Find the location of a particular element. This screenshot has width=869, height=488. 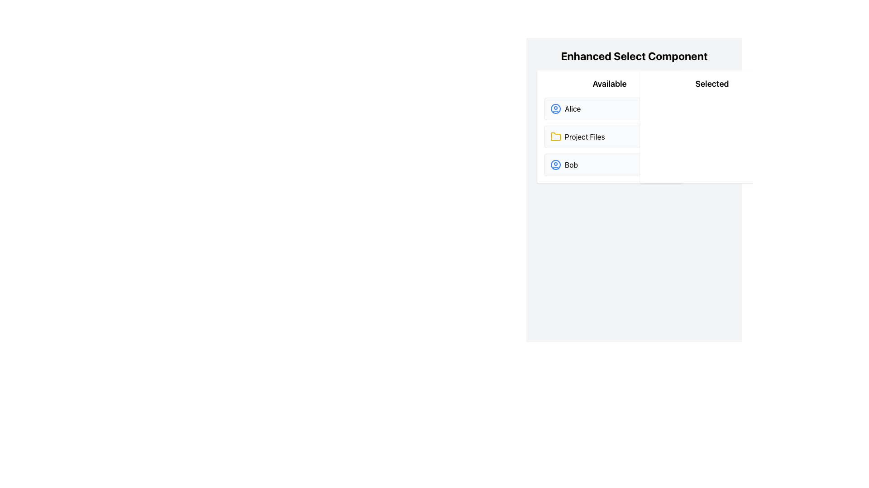

the circular blue user icon located at the left side of the list item labeled 'Bob' in the 'Enhanced Select Component' section is located at coordinates (555, 165).